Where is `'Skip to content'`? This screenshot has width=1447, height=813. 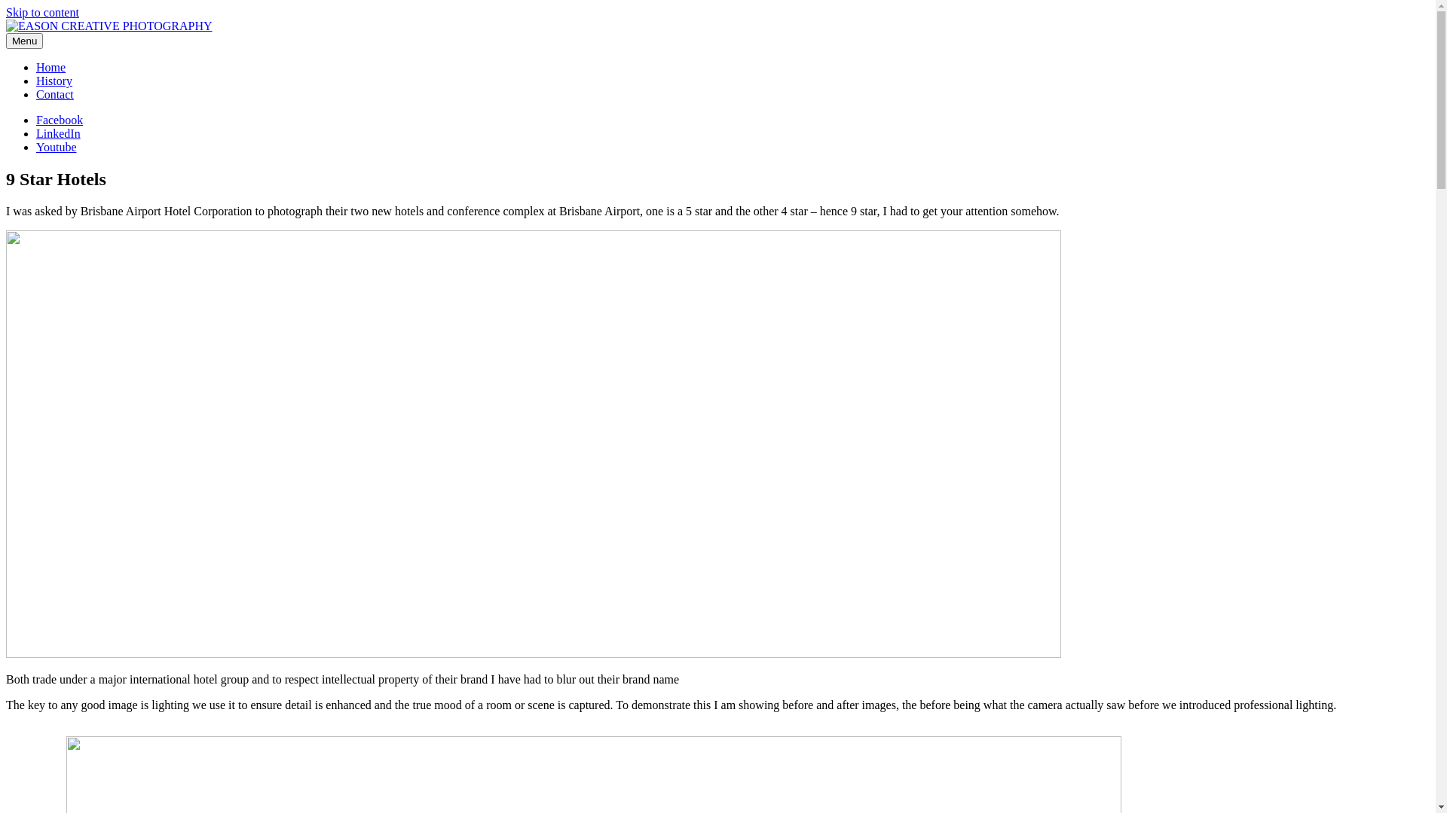 'Skip to content' is located at coordinates (42, 12).